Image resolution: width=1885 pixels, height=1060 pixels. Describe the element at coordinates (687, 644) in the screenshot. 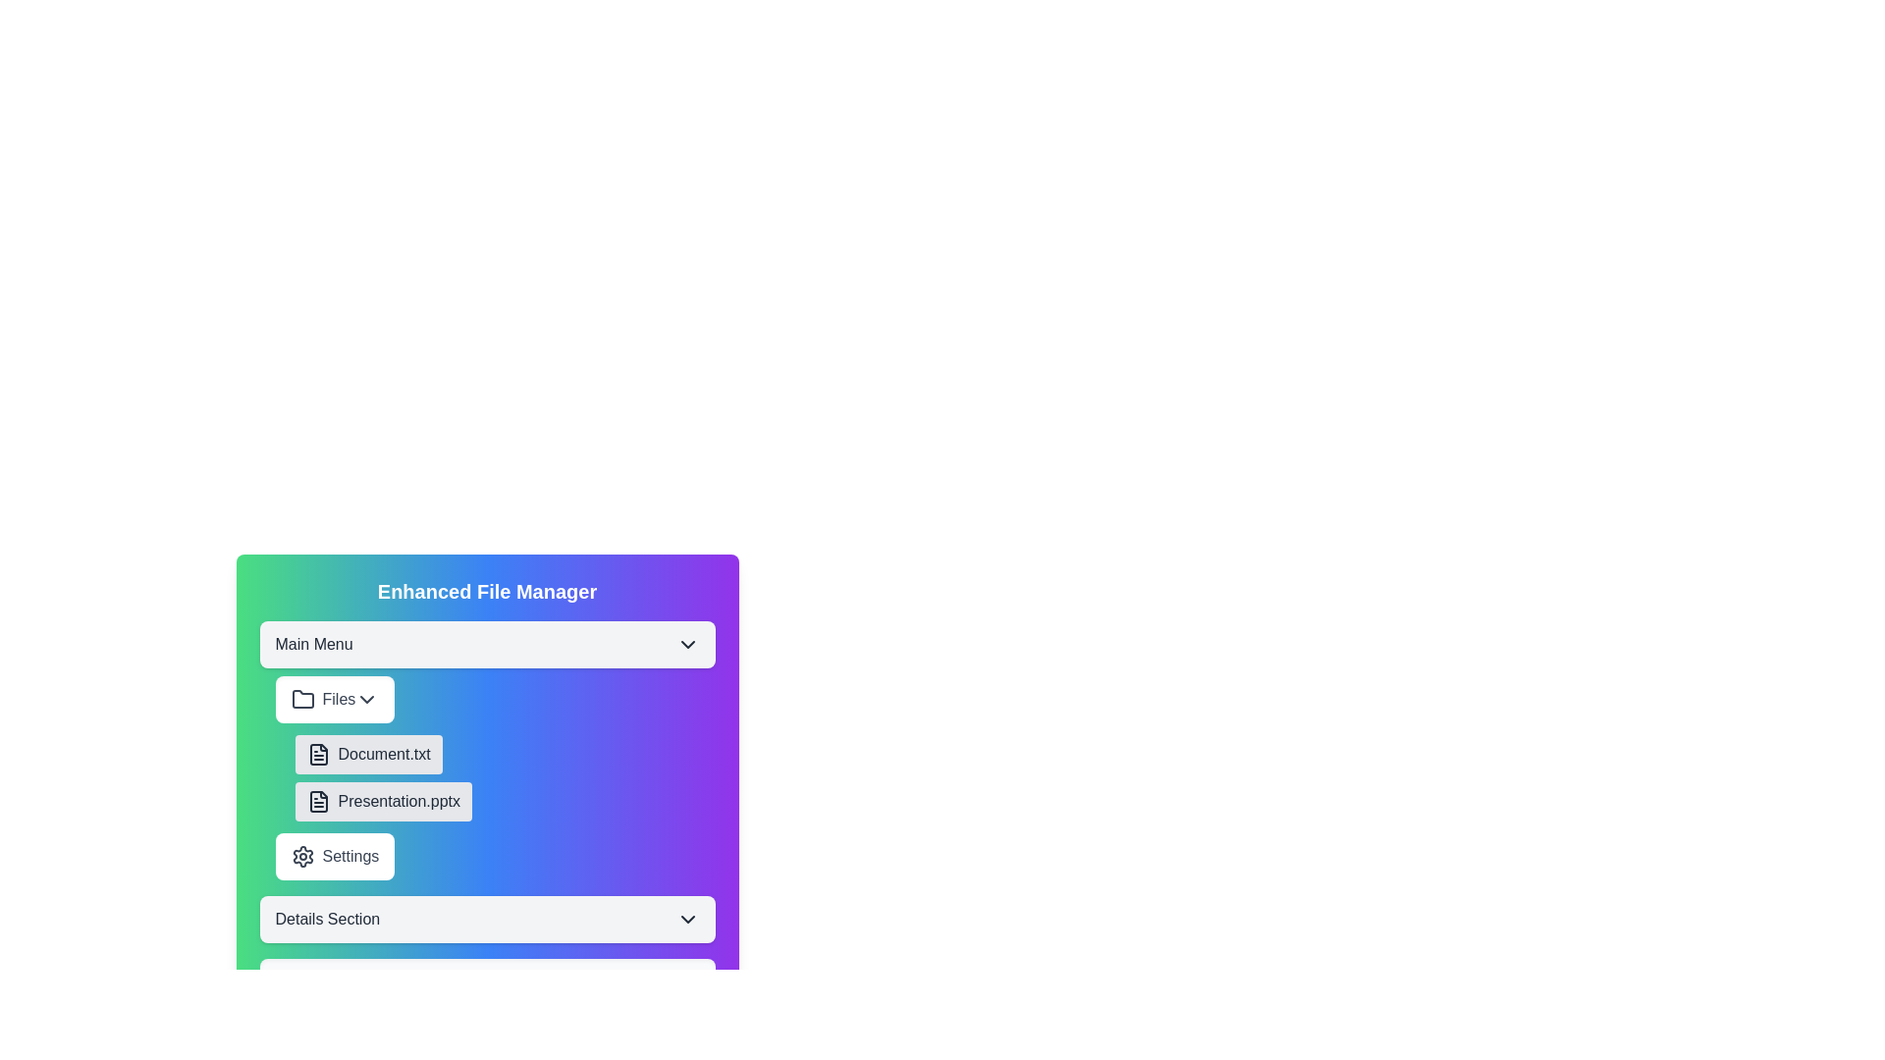

I see `the chevron-down icon located at the right end of the 'Main Menu' label` at that location.